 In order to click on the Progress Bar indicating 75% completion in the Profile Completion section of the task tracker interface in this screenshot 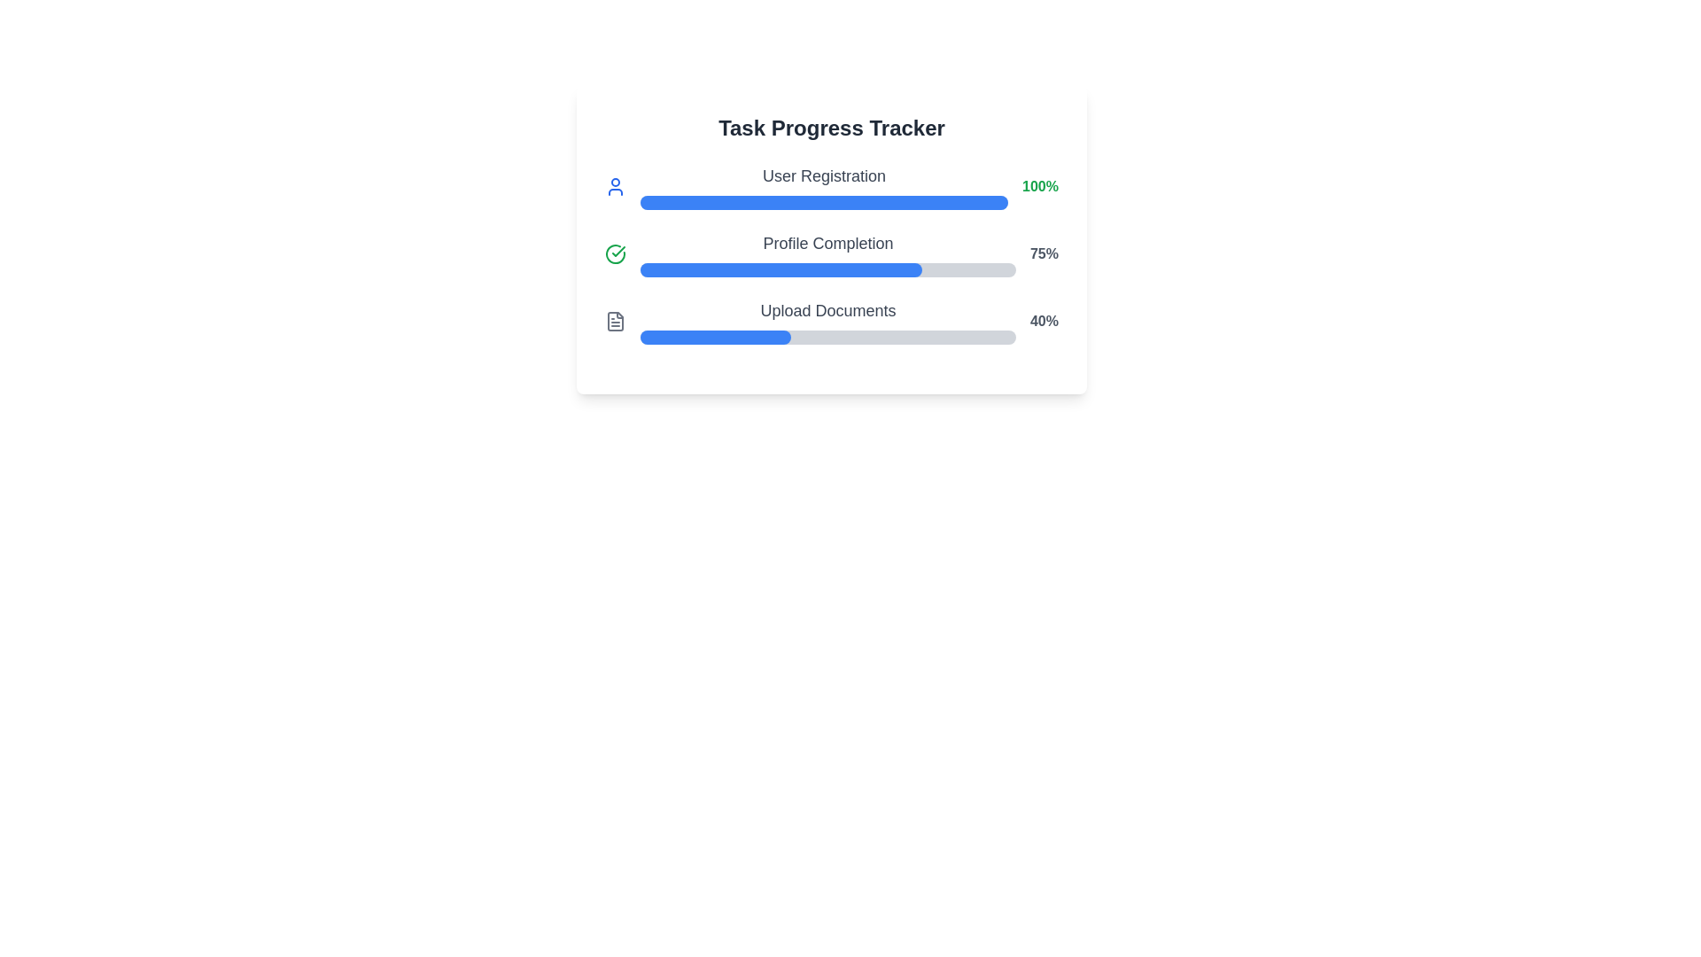, I will do `click(781, 269)`.